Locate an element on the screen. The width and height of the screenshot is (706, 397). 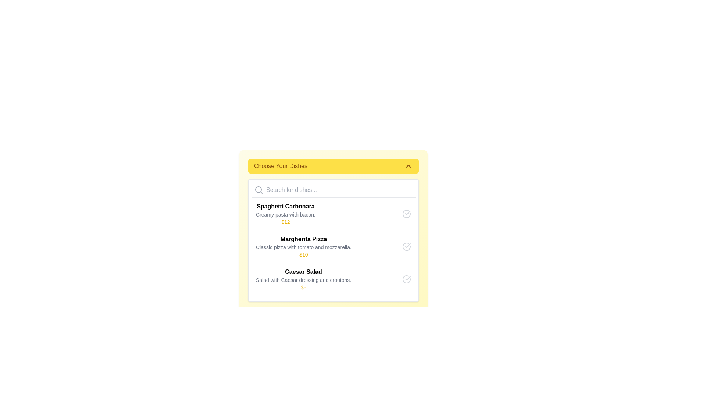
the selection indicator icon located to the far right of the 'Caesar Salad' menu item is located at coordinates (406, 279).